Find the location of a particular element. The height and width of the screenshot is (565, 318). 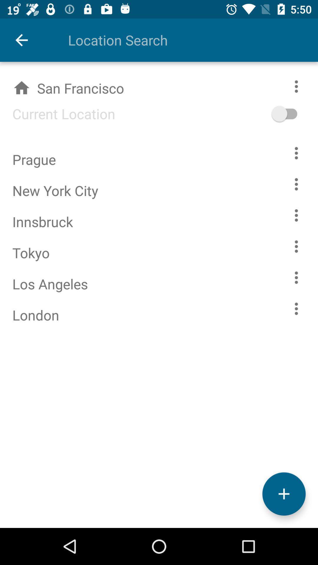

shows index of subject while flashung yellow is located at coordinates (296, 308).